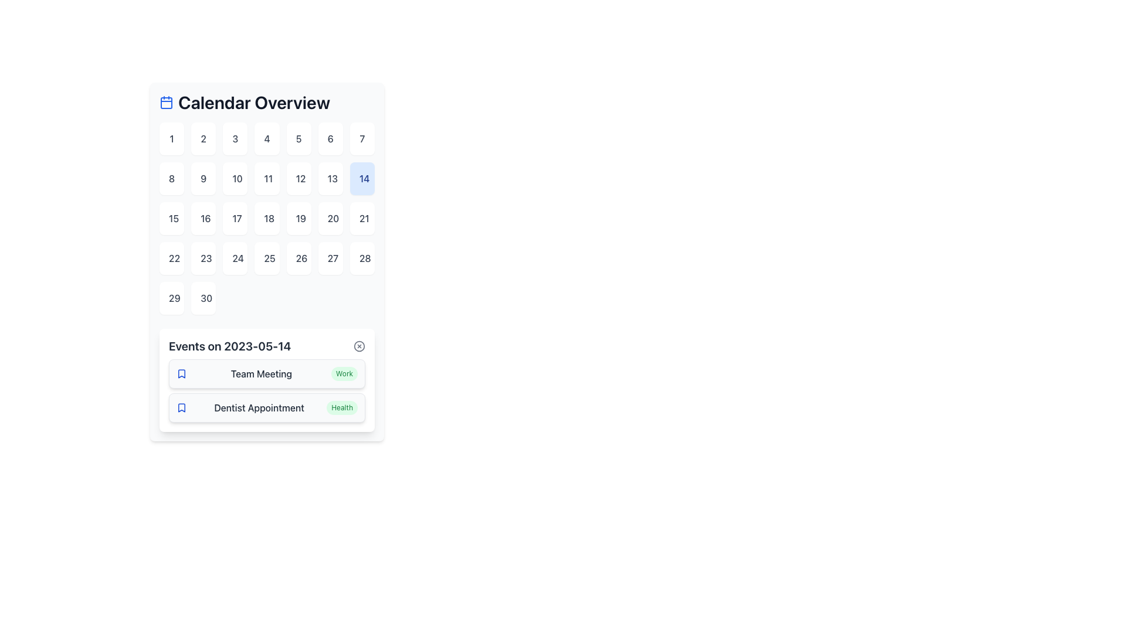  What do you see at coordinates (266, 219) in the screenshot?
I see `the date button representing the date '18'` at bounding box center [266, 219].